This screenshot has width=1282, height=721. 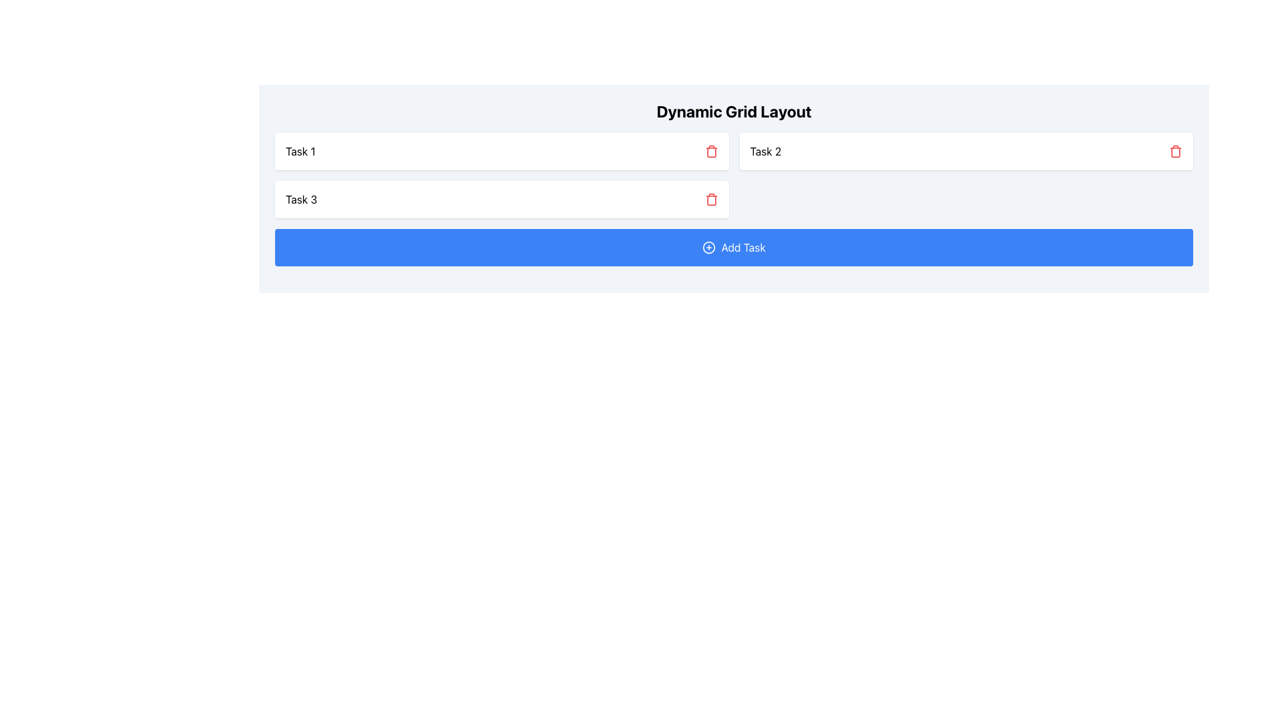 What do you see at coordinates (733, 110) in the screenshot?
I see `the label displaying 'Dynamic Grid Layout' at the top of the main panel` at bounding box center [733, 110].